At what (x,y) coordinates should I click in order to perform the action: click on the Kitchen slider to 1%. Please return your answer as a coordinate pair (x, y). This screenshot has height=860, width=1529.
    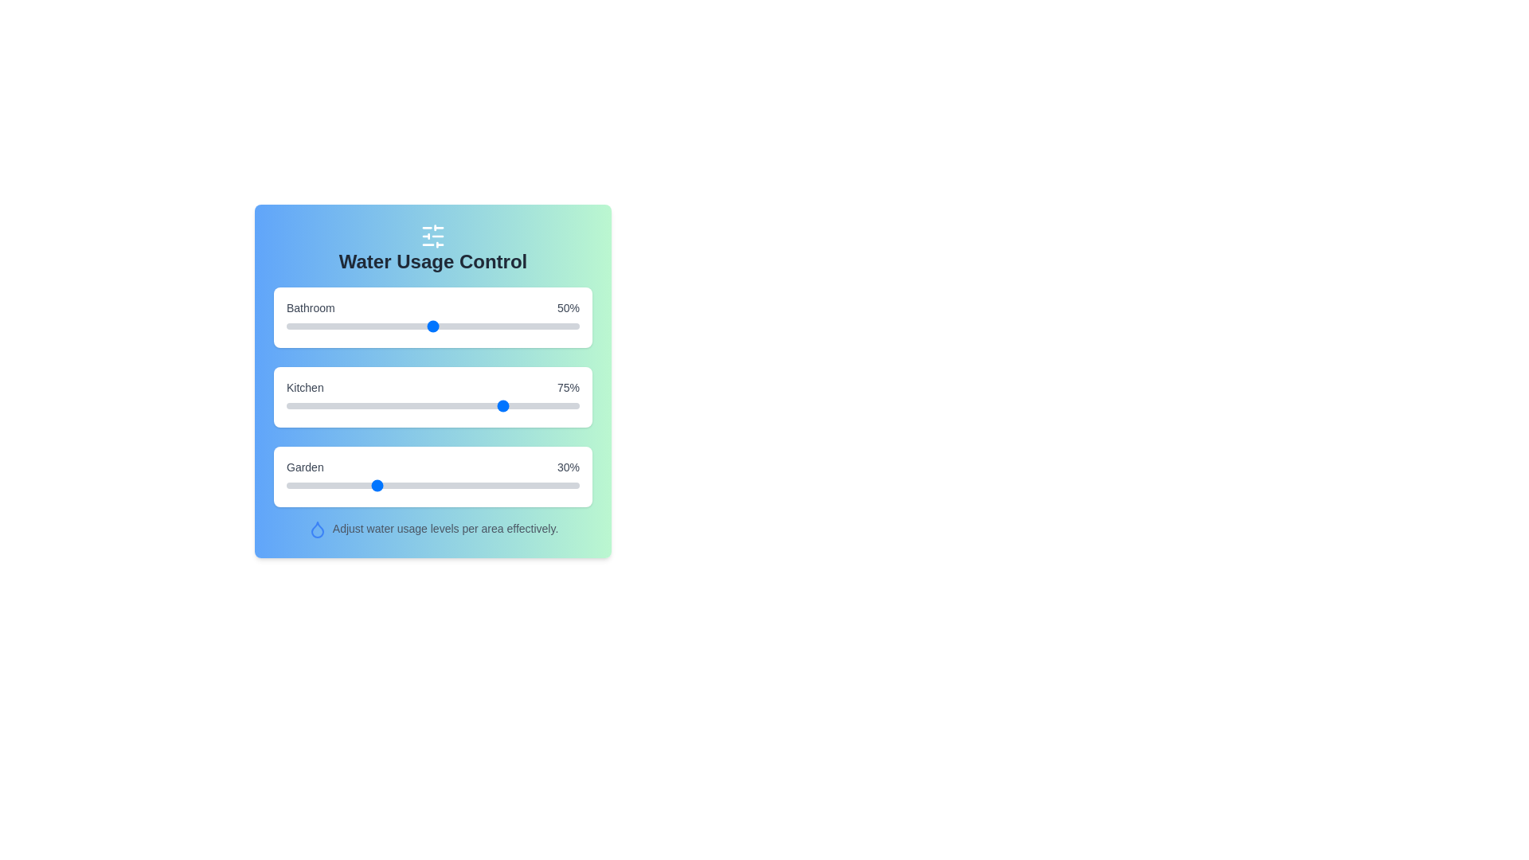
    Looking at the image, I should click on (289, 405).